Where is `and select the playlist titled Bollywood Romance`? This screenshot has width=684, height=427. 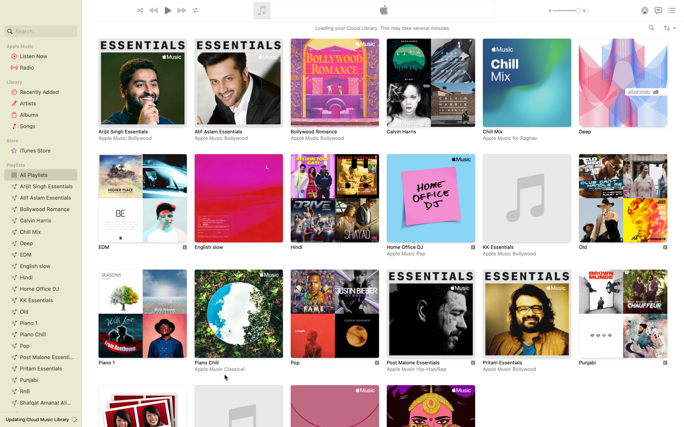 and select the playlist titled Bollywood Romance is located at coordinates (334, 90).